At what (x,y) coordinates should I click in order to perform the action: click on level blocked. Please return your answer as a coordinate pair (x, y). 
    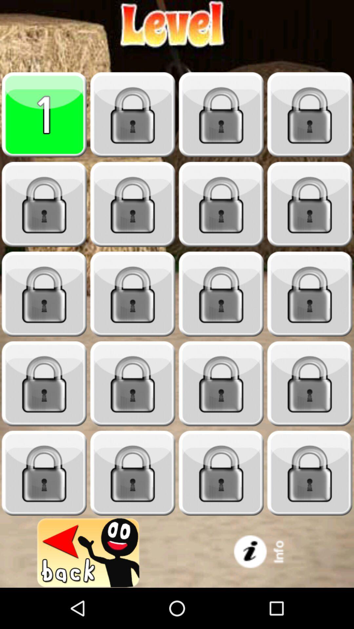
    Looking at the image, I should click on (310, 473).